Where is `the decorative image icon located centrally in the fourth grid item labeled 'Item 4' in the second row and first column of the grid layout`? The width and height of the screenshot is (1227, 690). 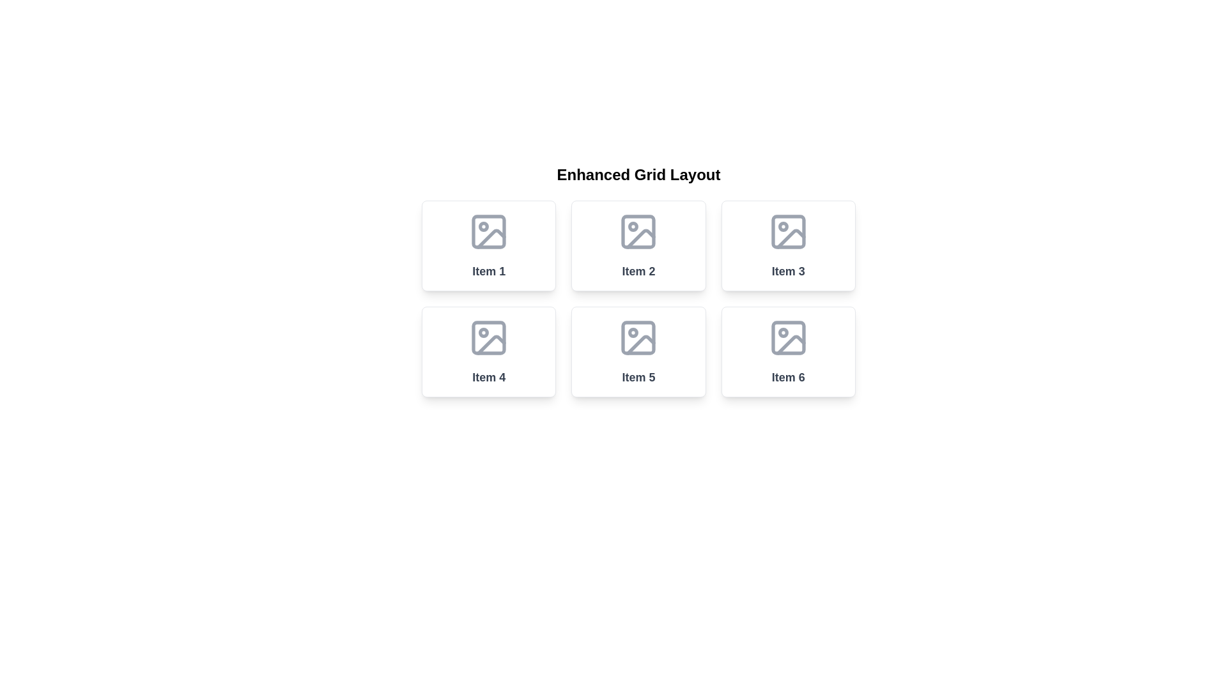
the decorative image icon located centrally in the fourth grid item labeled 'Item 4' in the second row and first column of the grid layout is located at coordinates (488, 337).